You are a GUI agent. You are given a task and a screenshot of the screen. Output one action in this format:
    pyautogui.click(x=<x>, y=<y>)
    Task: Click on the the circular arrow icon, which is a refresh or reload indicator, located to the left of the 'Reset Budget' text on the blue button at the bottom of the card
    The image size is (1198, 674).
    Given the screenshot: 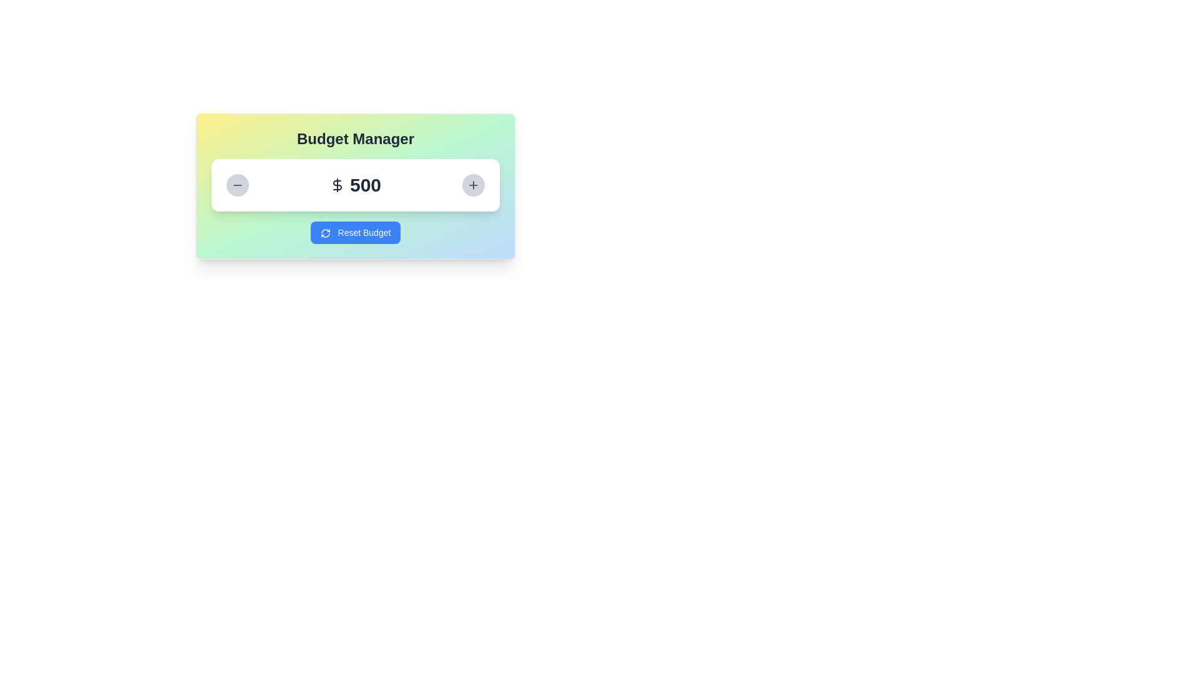 What is the action you would take?
    pyautogui.click(x=325, y=233)
    